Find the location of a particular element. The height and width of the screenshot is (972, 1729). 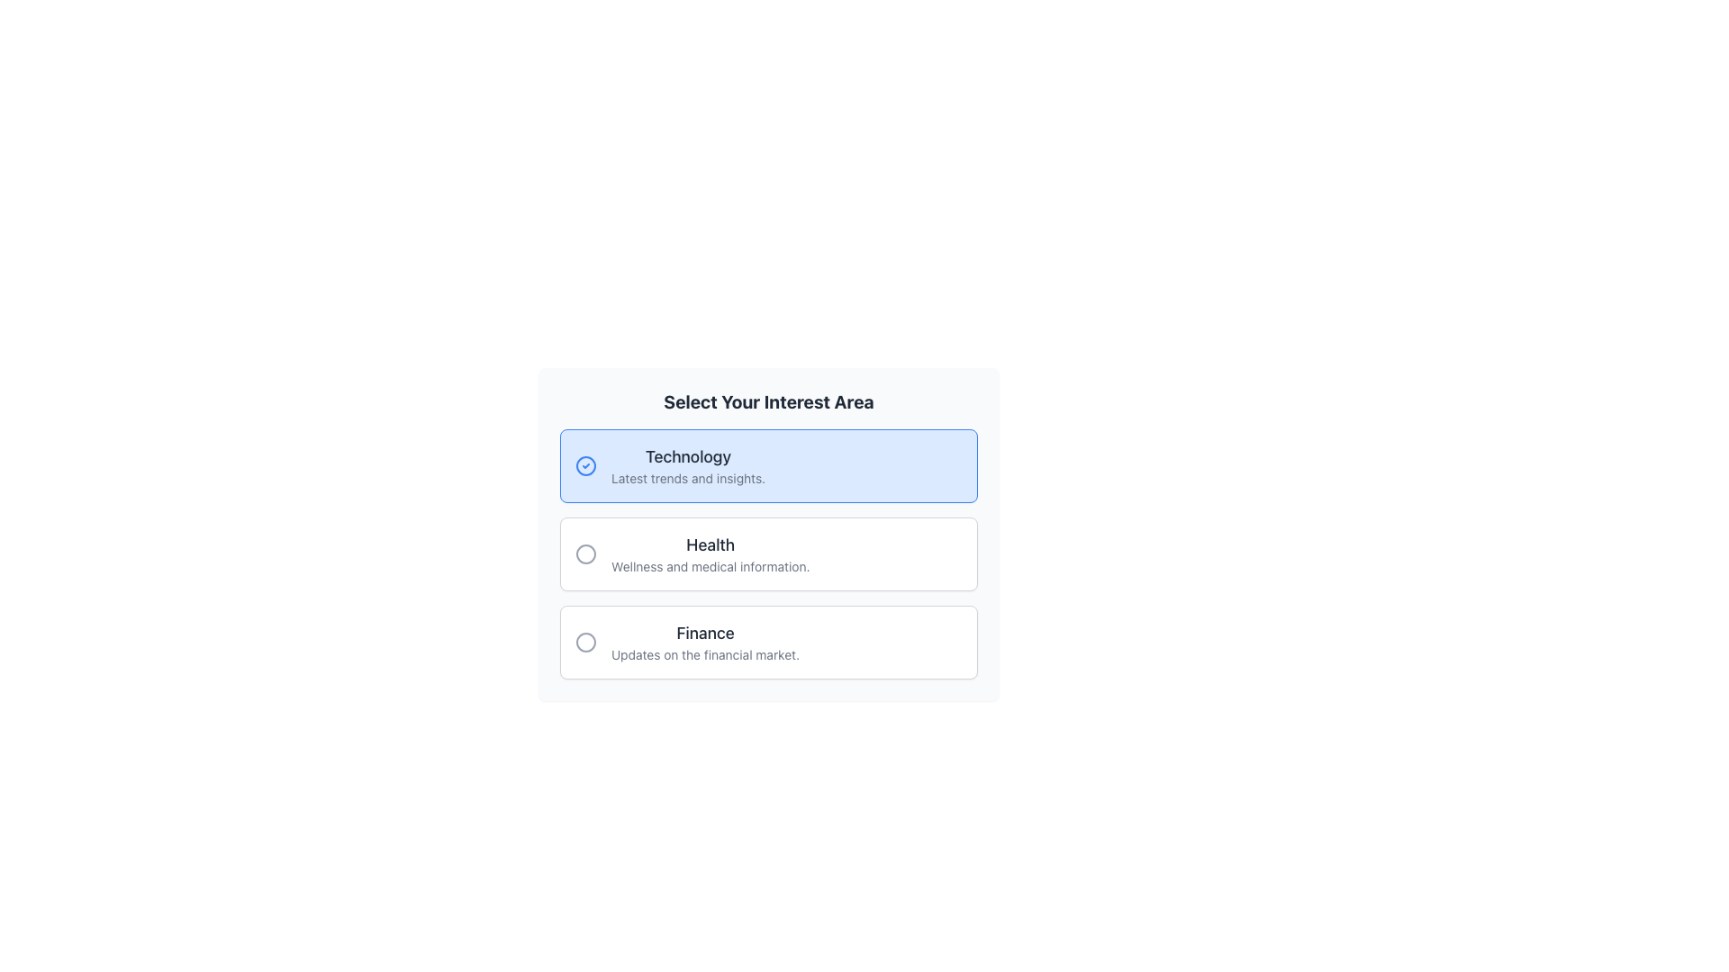

the circular radio button with a gray outline located to the left of the 'Health' label is located at coordinates (593, 553).